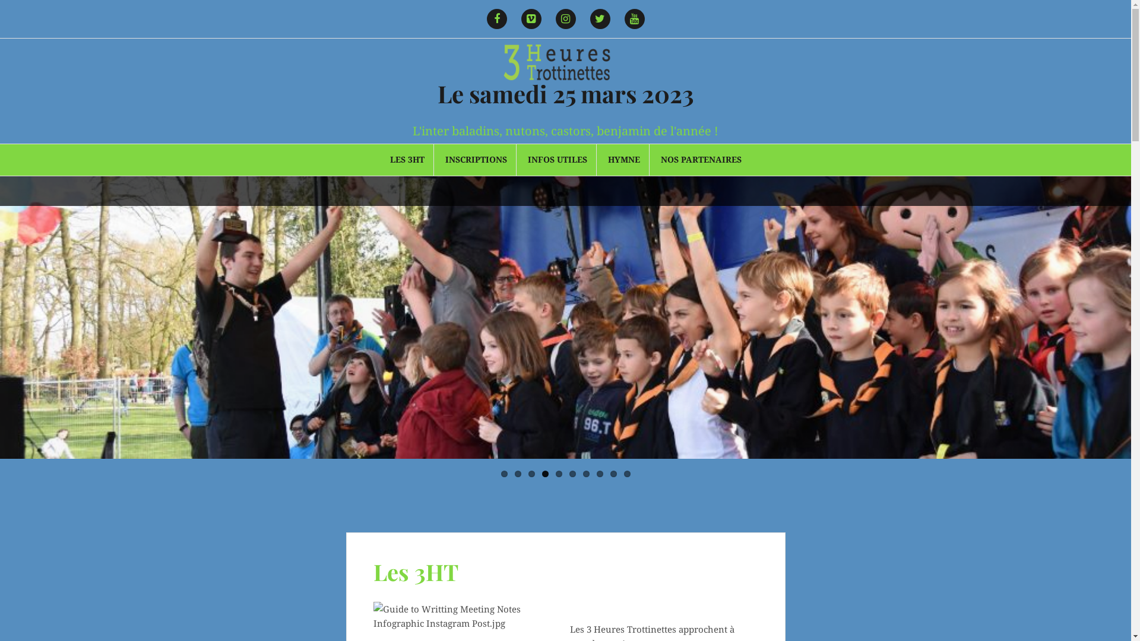 This screenshot has height=641, width=1140. I want to click on 'Instagram', so click(549, 18).